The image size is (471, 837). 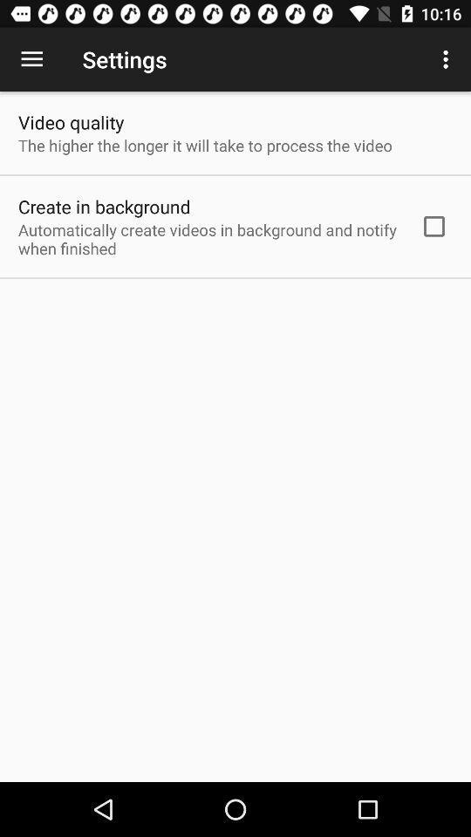 What do you see at coordinates (208, 238) in the screenshot?
I see `icon below create in background` at bounding box center [208, 238].